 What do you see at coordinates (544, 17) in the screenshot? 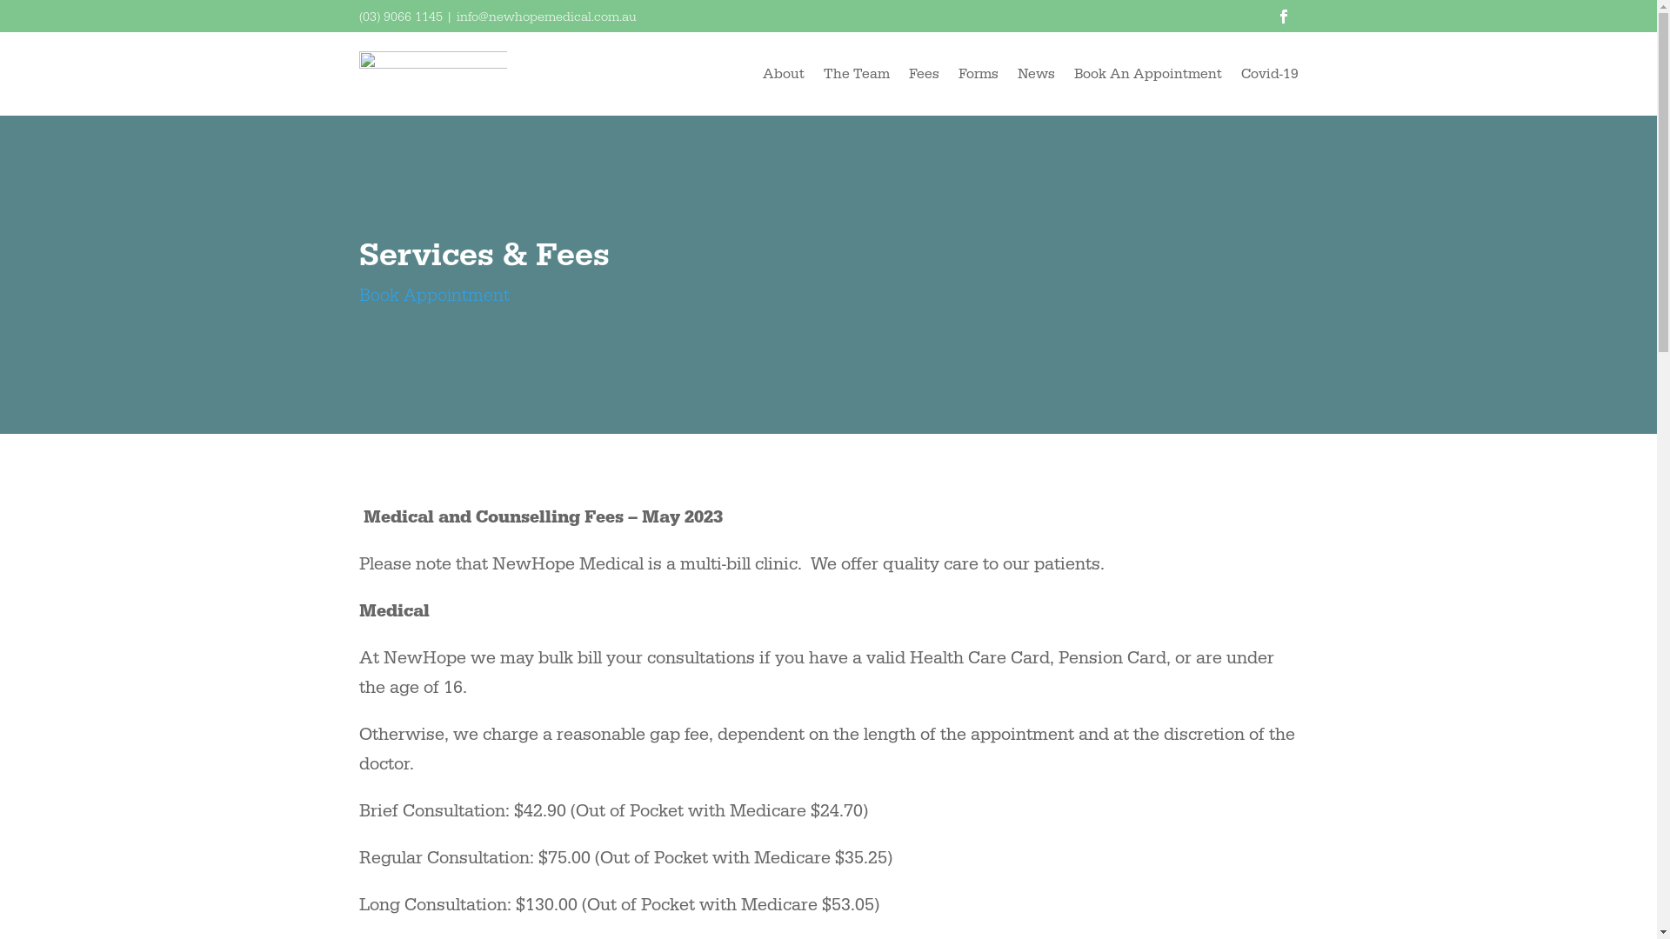
I see `'info@newhopemedical.com.au'` at bounding box center [544, 17].